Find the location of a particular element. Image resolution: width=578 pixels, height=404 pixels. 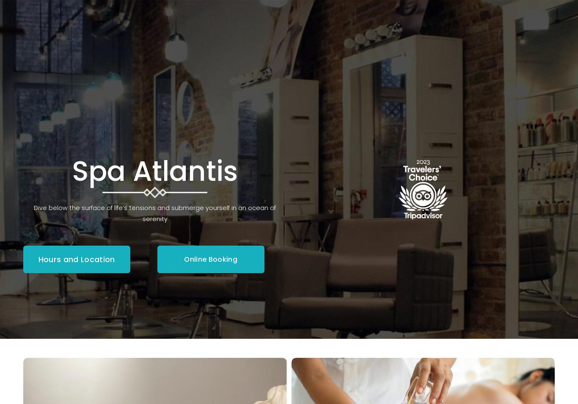

'Book Now' is located at coordinates (526, 65).